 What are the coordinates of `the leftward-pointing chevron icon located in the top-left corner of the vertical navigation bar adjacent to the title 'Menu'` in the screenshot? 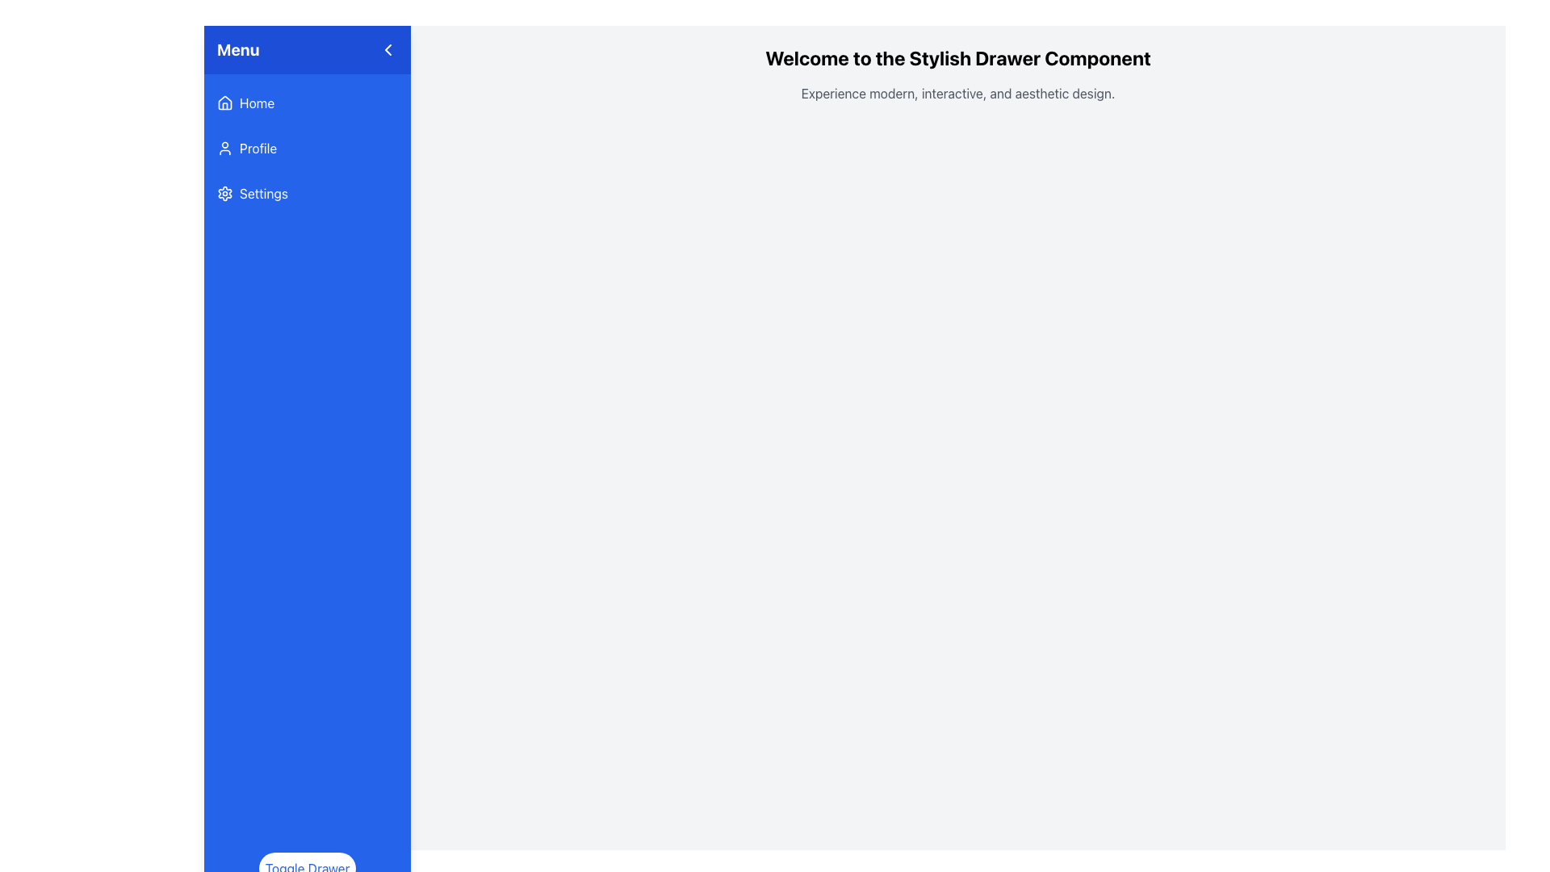 It's located at (387, 48).